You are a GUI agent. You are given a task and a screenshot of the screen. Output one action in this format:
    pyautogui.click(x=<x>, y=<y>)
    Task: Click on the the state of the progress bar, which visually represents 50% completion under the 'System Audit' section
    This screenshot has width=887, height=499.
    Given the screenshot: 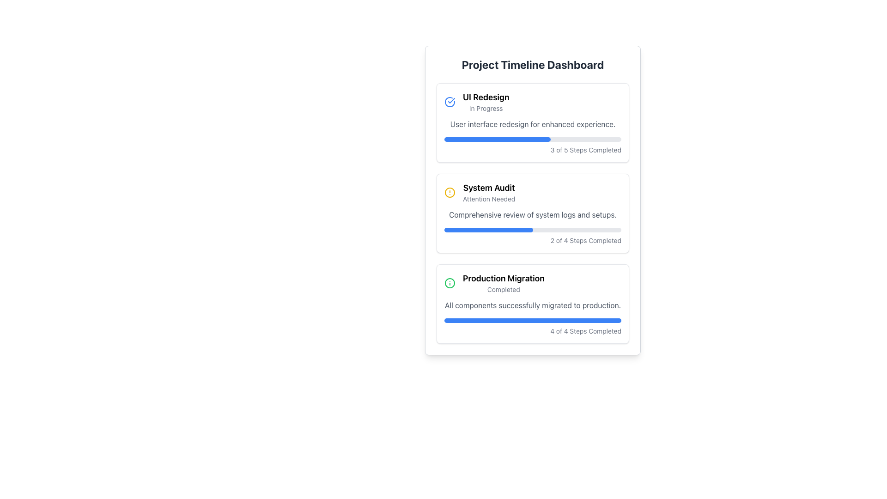 What is the action you would take?
    pyautogui.click(x=488, y=229)
    